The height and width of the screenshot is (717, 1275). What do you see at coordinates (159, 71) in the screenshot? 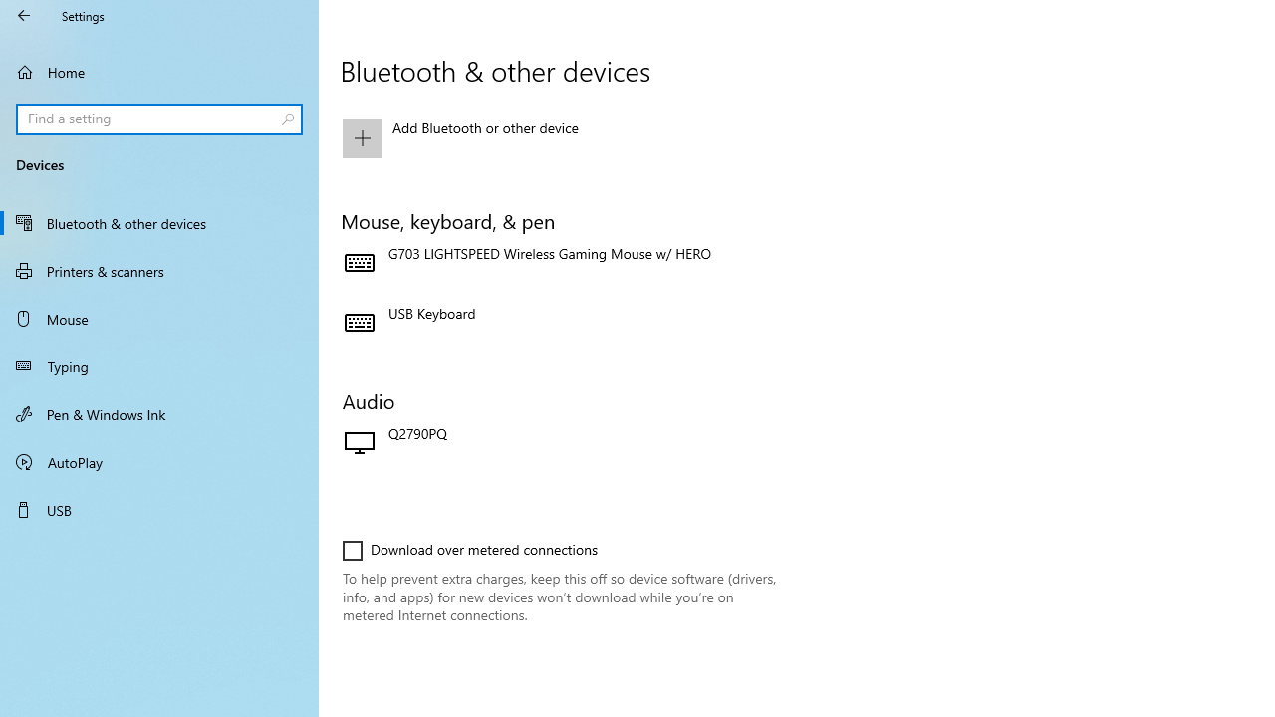
I see `'Home'` at bounding box center [159, 71].